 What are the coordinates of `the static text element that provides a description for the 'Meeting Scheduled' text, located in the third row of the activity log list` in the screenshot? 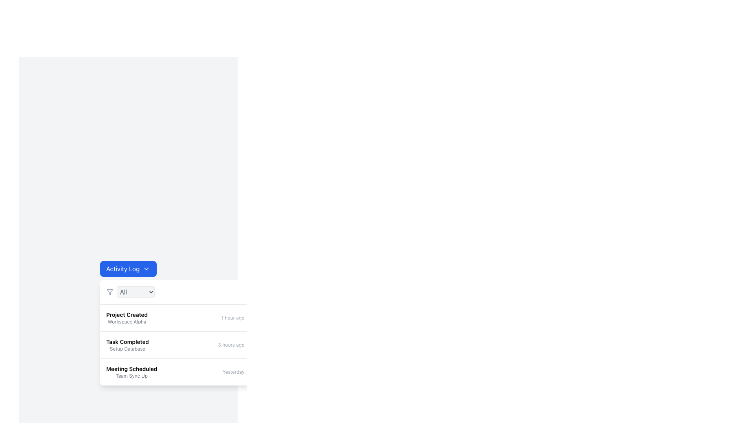 It's located at (132, 375).